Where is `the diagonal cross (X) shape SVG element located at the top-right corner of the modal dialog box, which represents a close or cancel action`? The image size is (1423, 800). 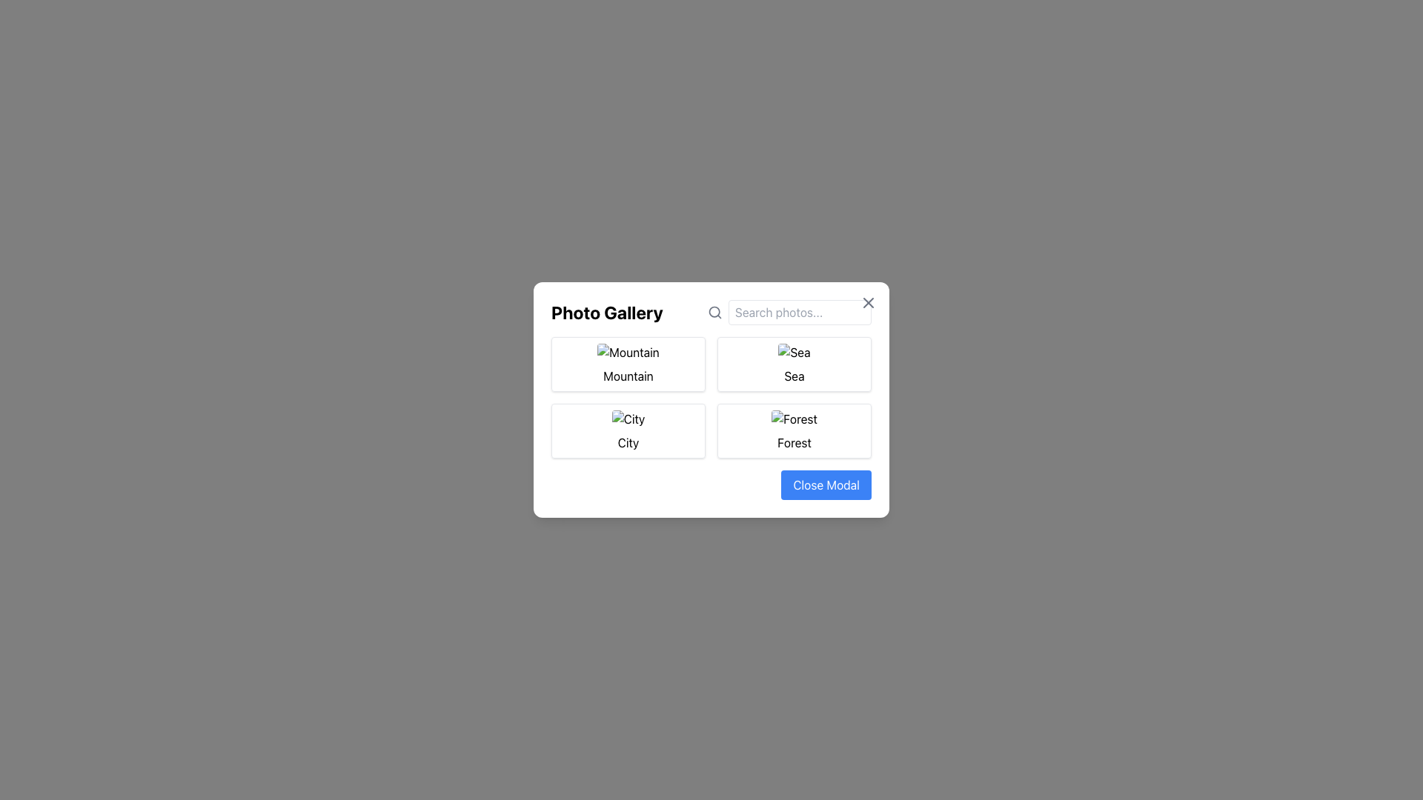
the diagonal cross (X) shape SVG element located at the top-right corner of the modal dialog box, which represents a close or cancel action is located at coordinates (868, 301).